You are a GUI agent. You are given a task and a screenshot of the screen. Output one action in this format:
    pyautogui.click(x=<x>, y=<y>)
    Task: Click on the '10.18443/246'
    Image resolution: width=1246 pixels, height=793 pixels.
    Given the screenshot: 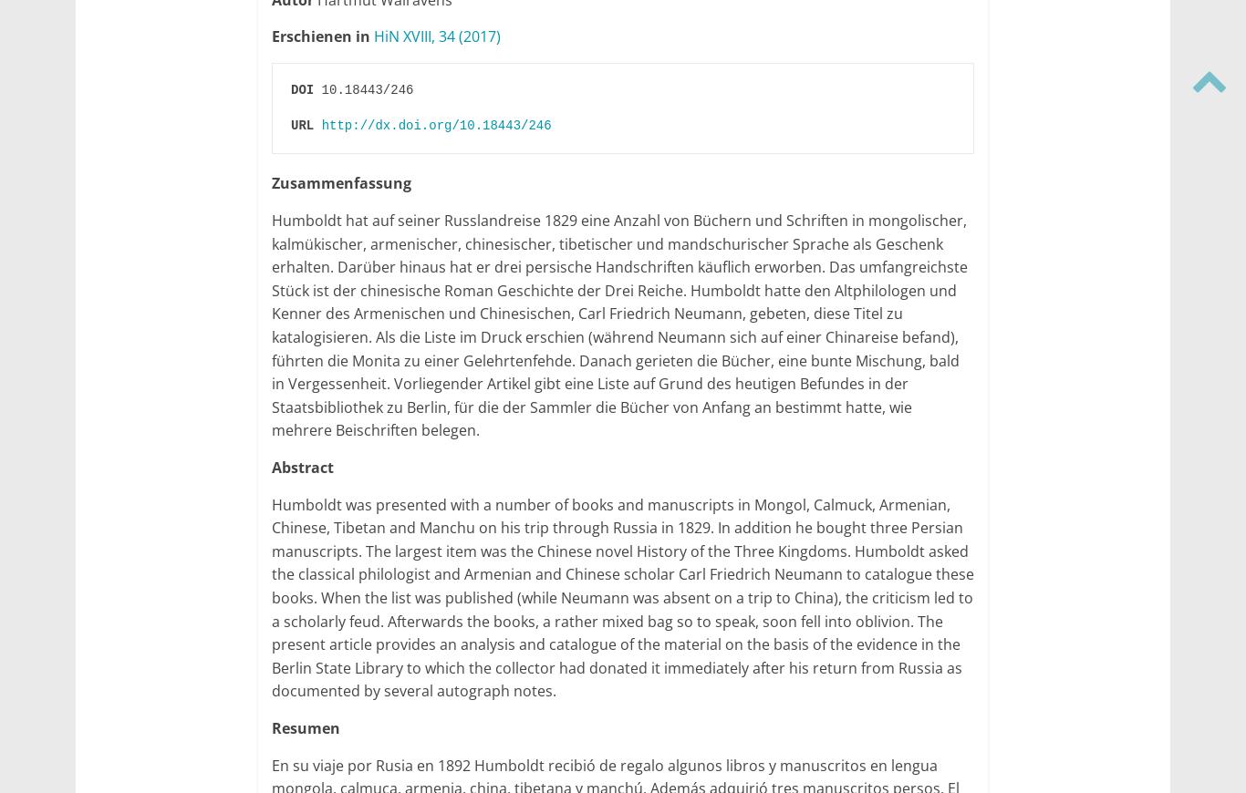 What is the action you would take?
    pyautogui.click(x=312, y=88)
    